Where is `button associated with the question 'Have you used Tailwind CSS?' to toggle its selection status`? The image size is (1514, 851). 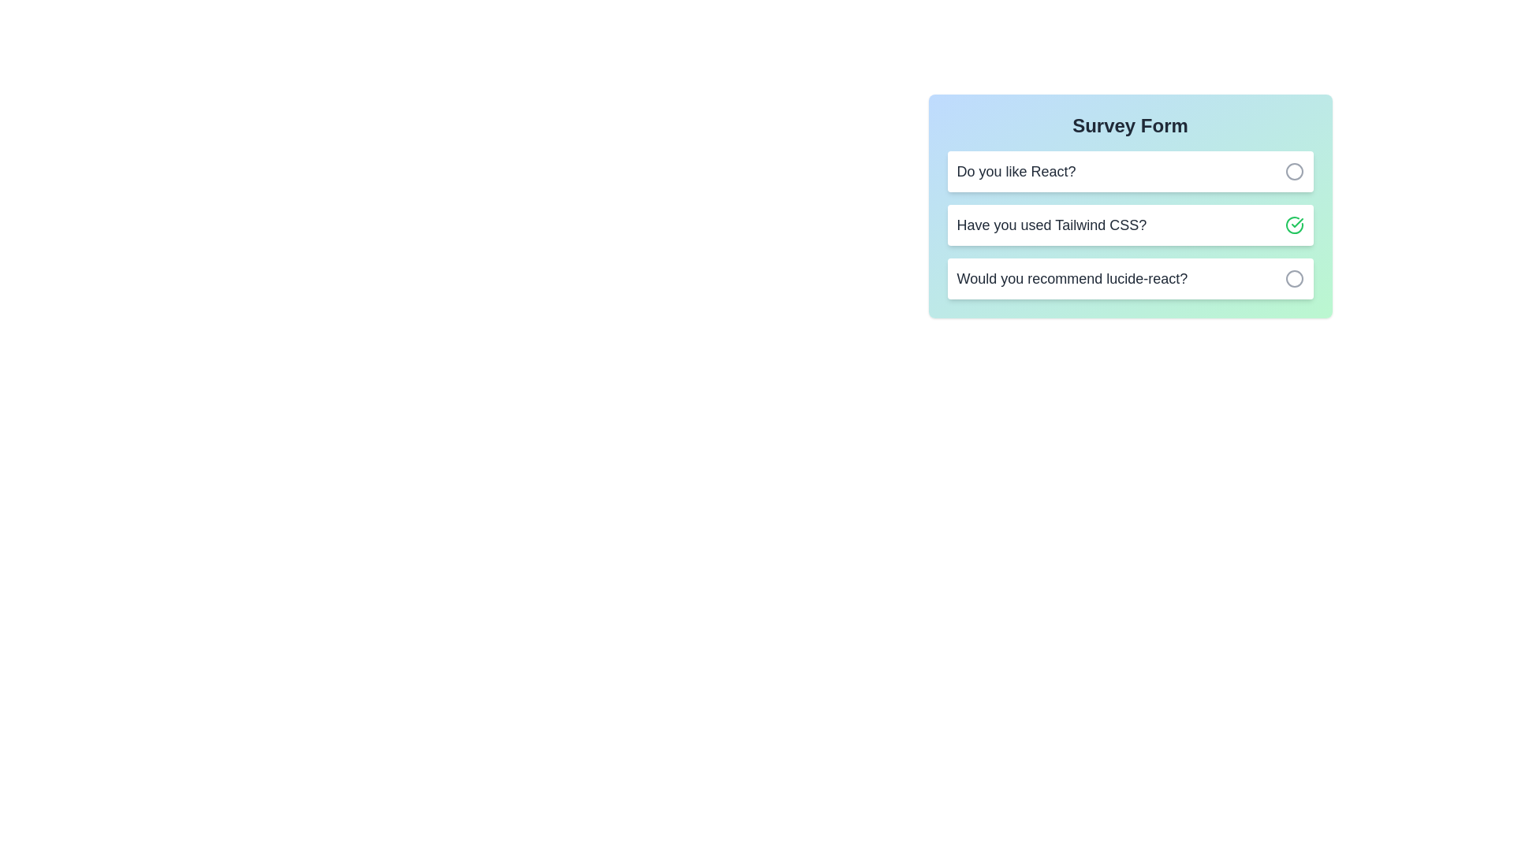 button associated with the question 'Have you used Tailwind CSS?' to toggle its selection status is located at coordinates (1294, 225).